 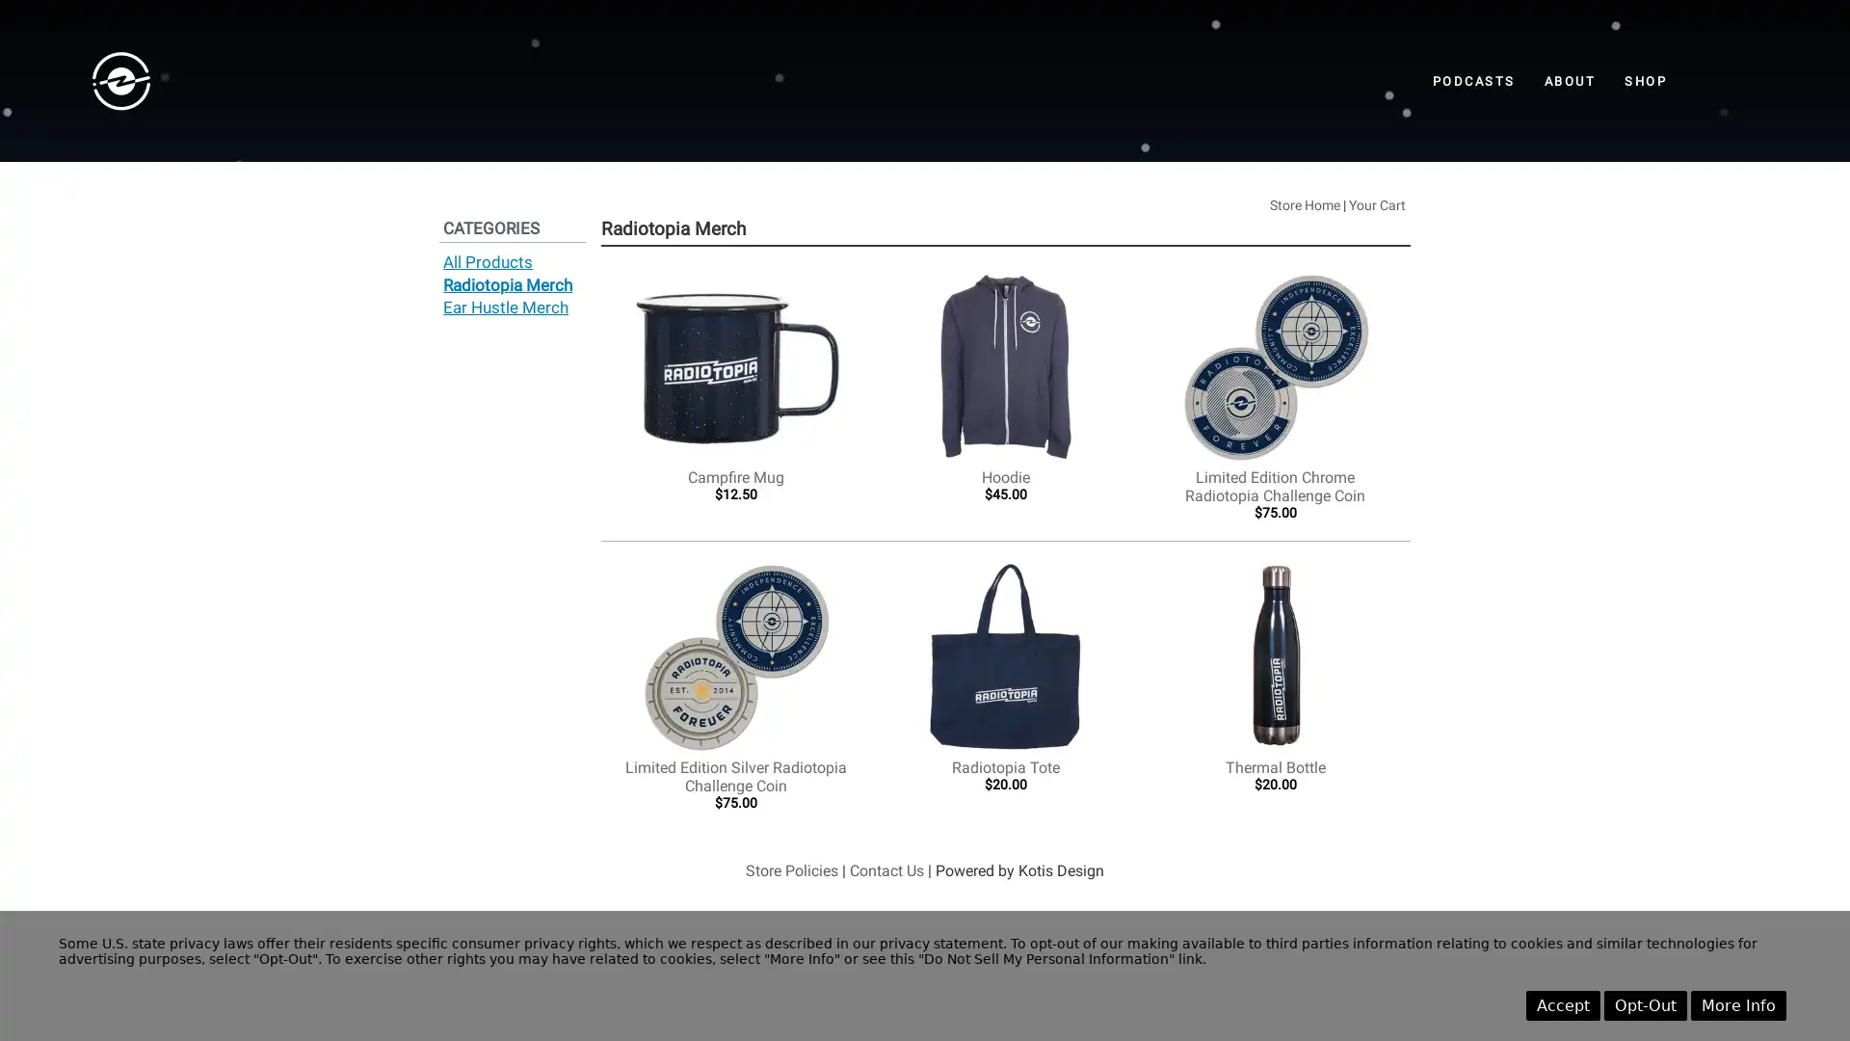 I want to click on Accept, so click(x=1563, y=1004).